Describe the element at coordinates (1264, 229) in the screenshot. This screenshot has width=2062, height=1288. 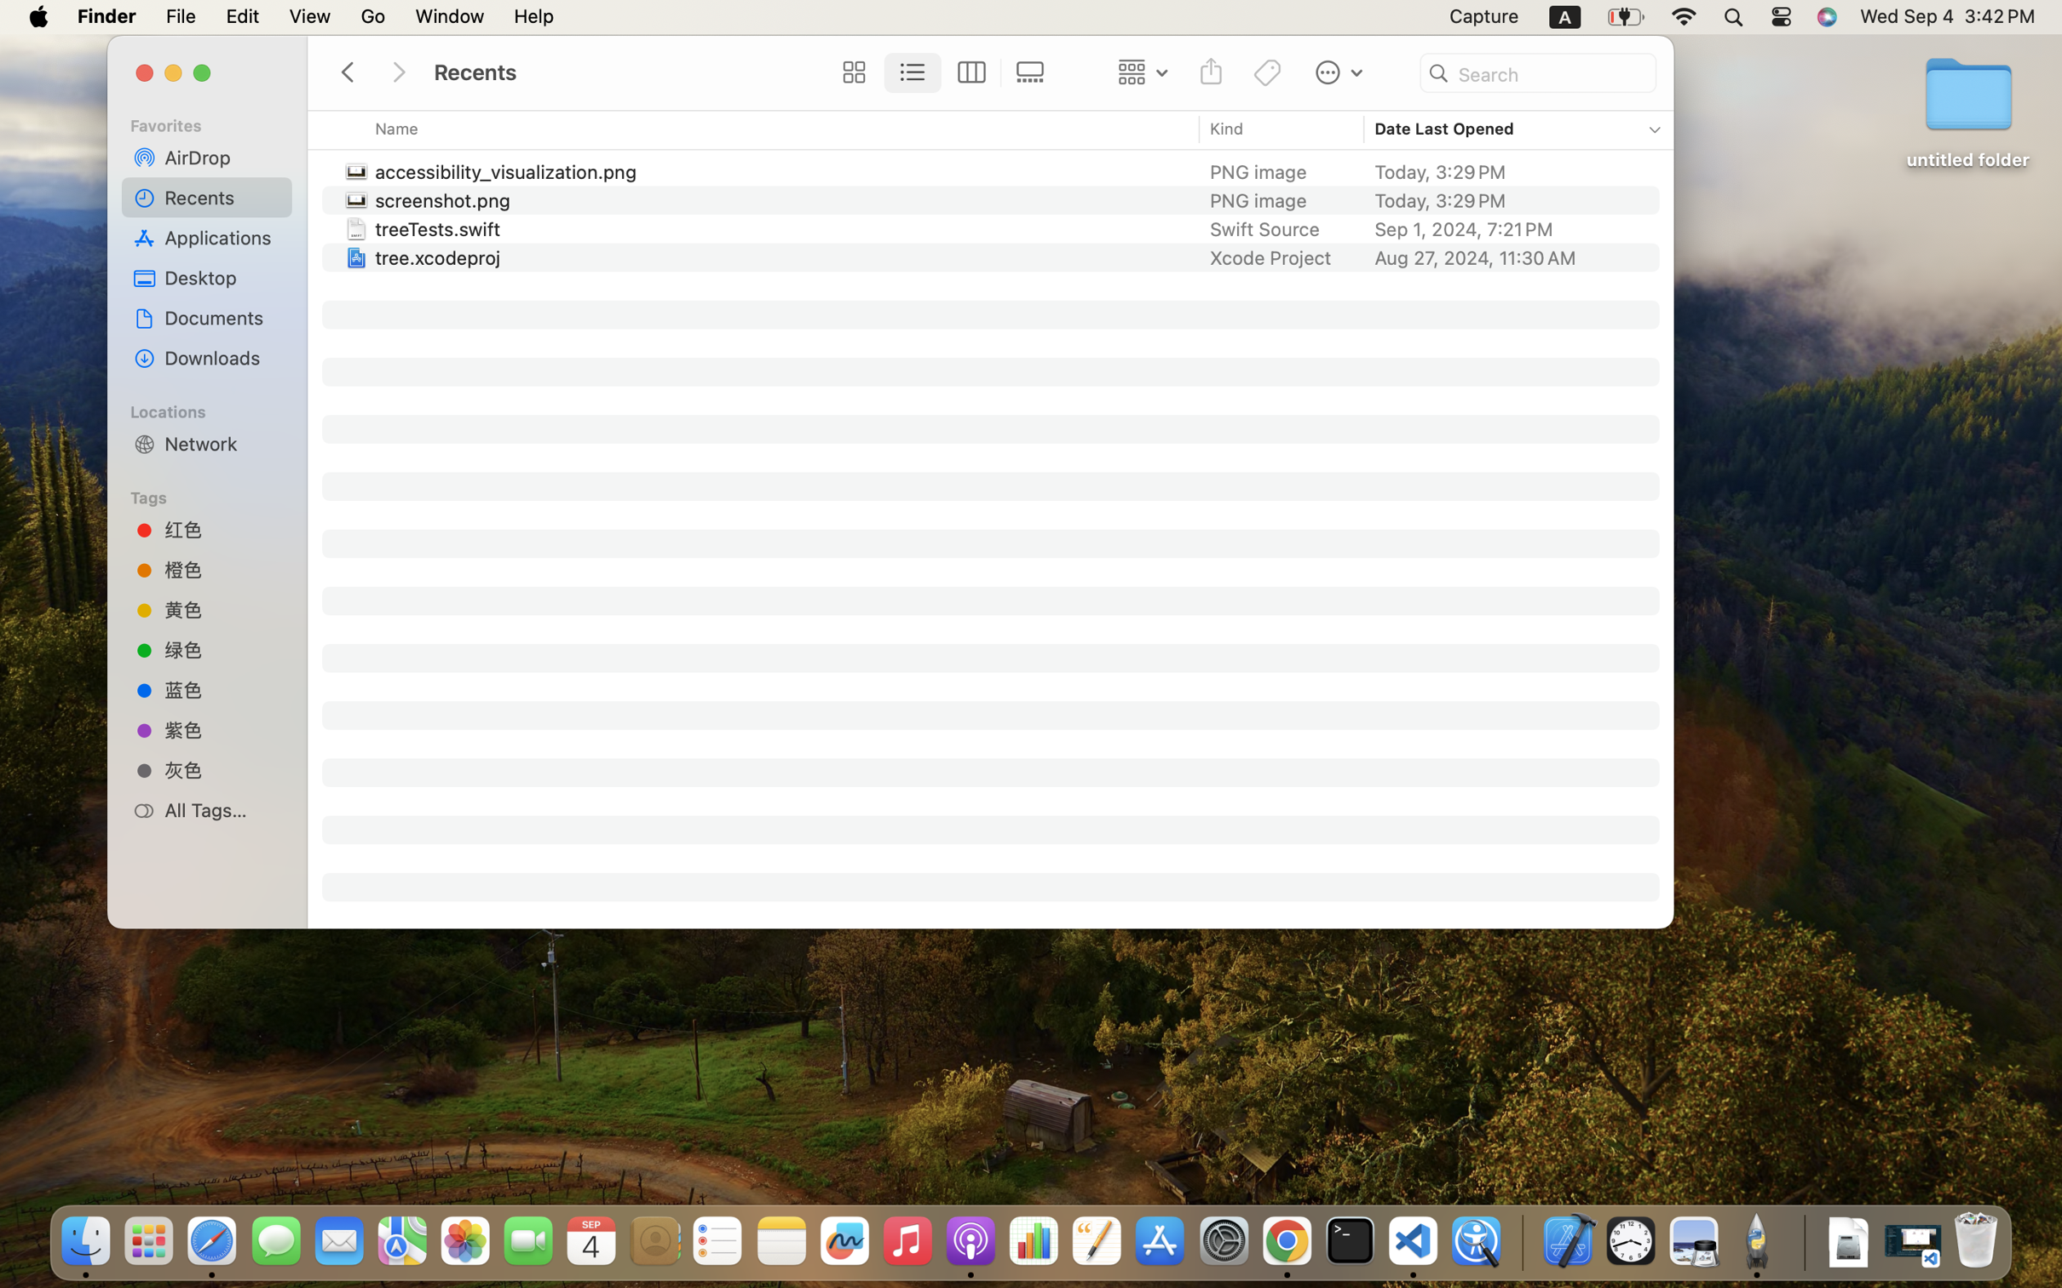
I see `'Swift Source'` at that location.